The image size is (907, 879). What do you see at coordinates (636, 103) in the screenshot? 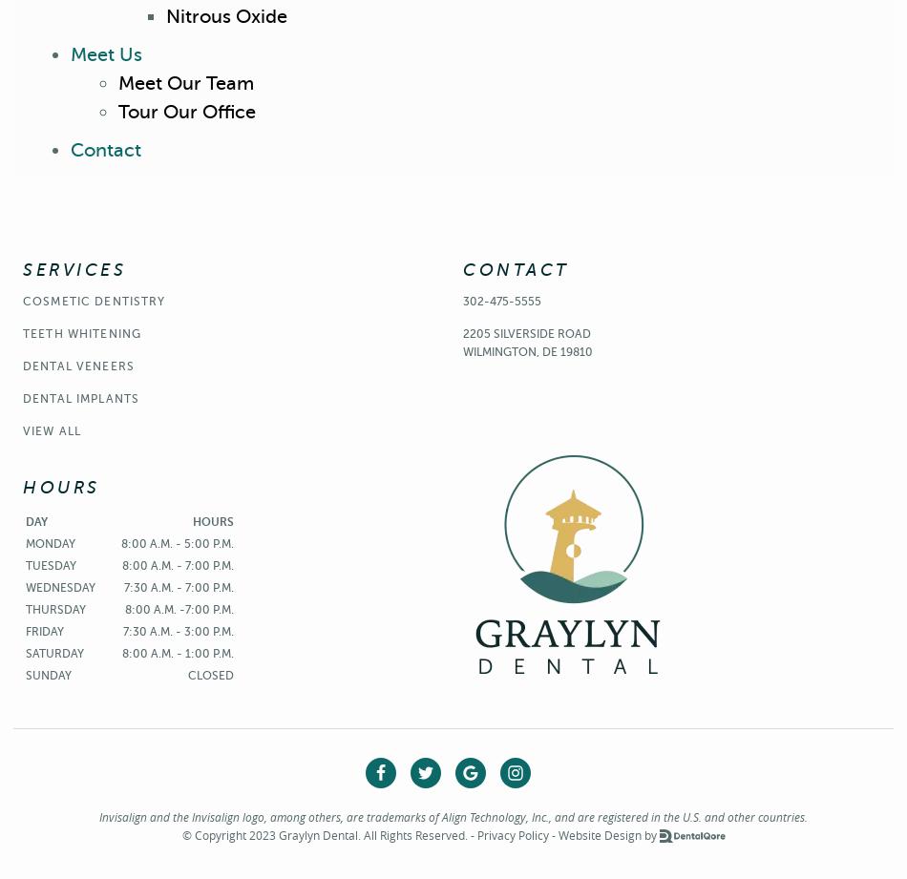
I see `'Call Us'` at bounding box center [636, 103].